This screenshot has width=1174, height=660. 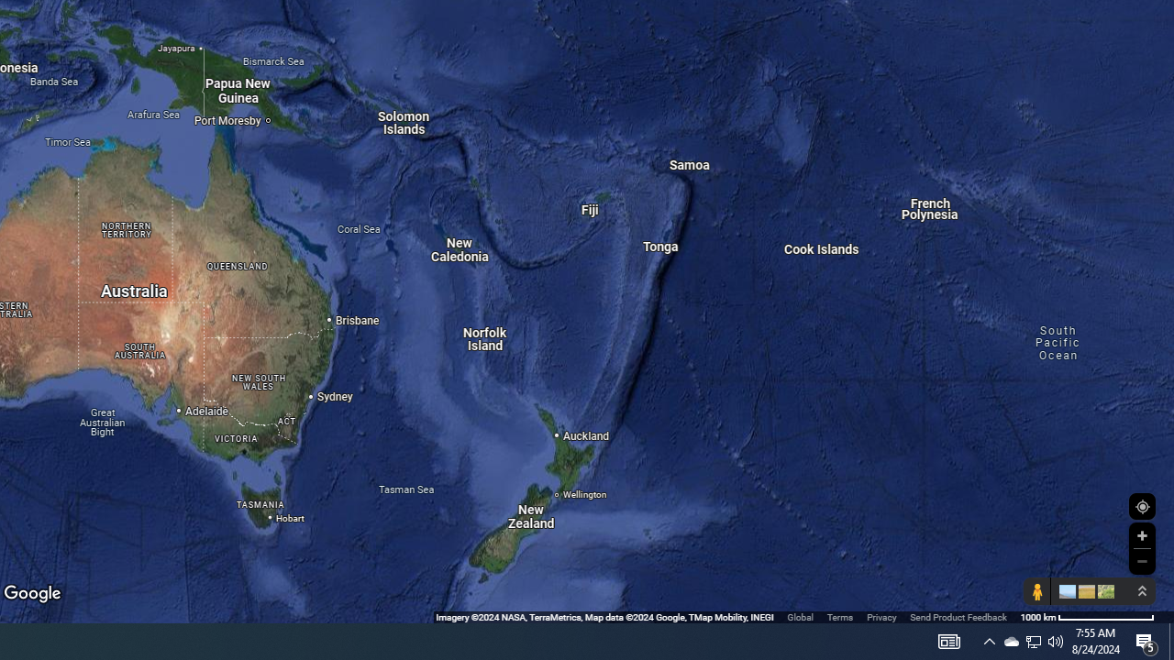 I want to click on 'Global', so click(x=800, y=617).